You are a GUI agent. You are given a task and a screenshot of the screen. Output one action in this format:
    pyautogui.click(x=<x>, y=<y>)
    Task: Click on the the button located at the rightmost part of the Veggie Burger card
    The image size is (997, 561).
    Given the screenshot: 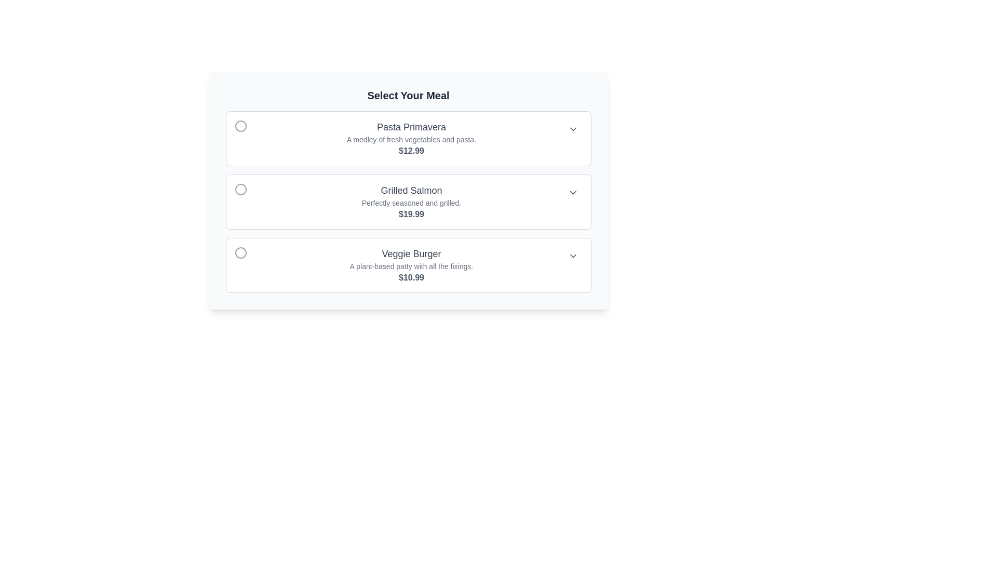 What is the action you would take?
    pyautogui.click(x=572, y=256)
    